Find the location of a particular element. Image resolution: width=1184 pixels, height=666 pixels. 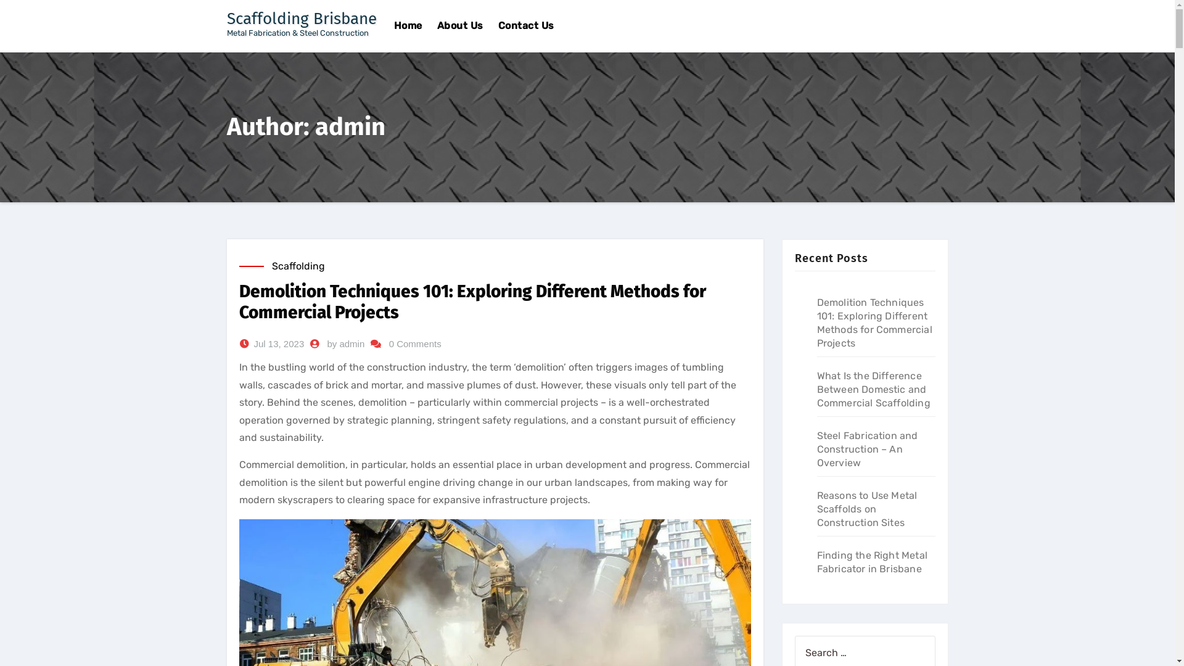

'Scaffolding Brisbane' is located at coordinates (227, 18).